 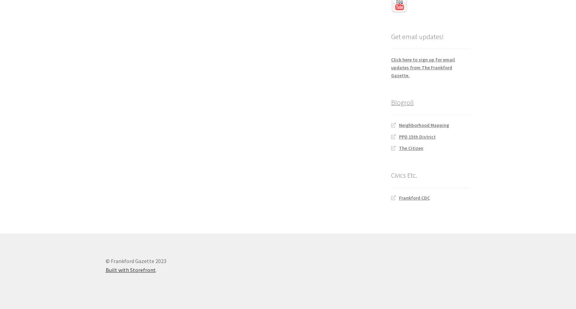 What do you see at coordinates (423, 67) in the screenshot?
I see `'Click here to sign up for email updates from The Frankford Gazette.'` at bounding box center [423, 67].